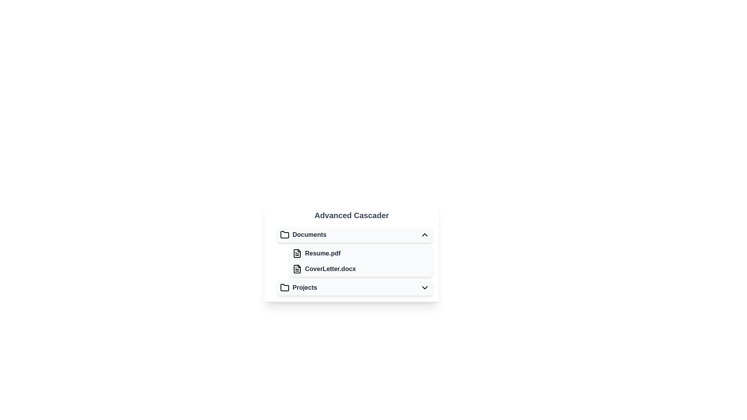 The width and height of the screenshot is (747, 420). What do you see at coordinates (309, 234) in the screenshot?
I see `the label of the folder item in the cascader menu, which is located to the right of the folder icon` at bounding box center [309, 234].